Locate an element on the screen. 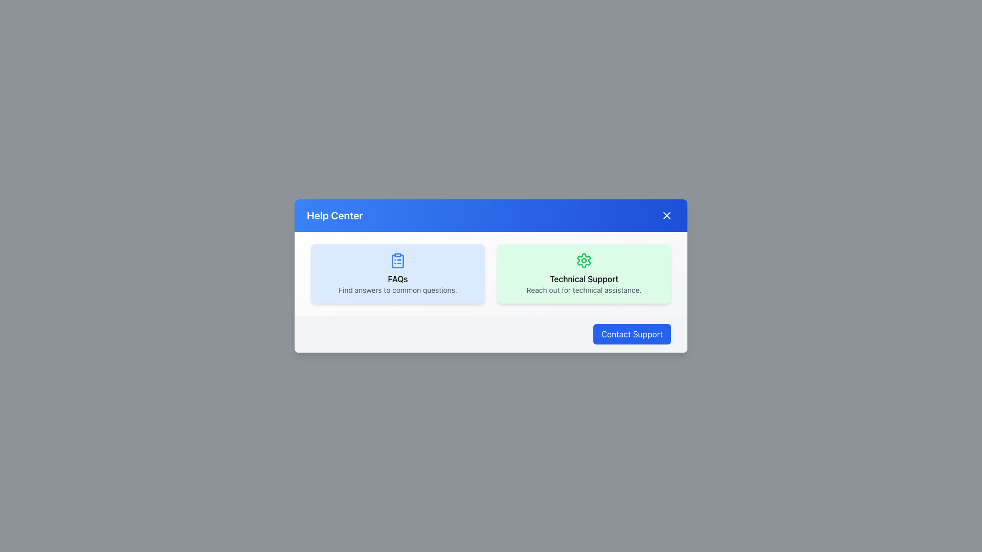 The width and height of the screenshot is (982, 552). the 'Contact Support' button located at the bottom right corner of the dialog box is located at coordinates (631, 334).